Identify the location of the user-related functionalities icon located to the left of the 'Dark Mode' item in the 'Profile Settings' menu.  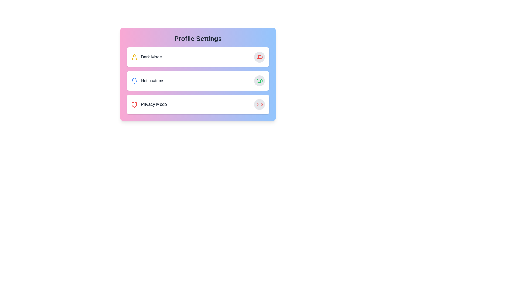
(134, 57).